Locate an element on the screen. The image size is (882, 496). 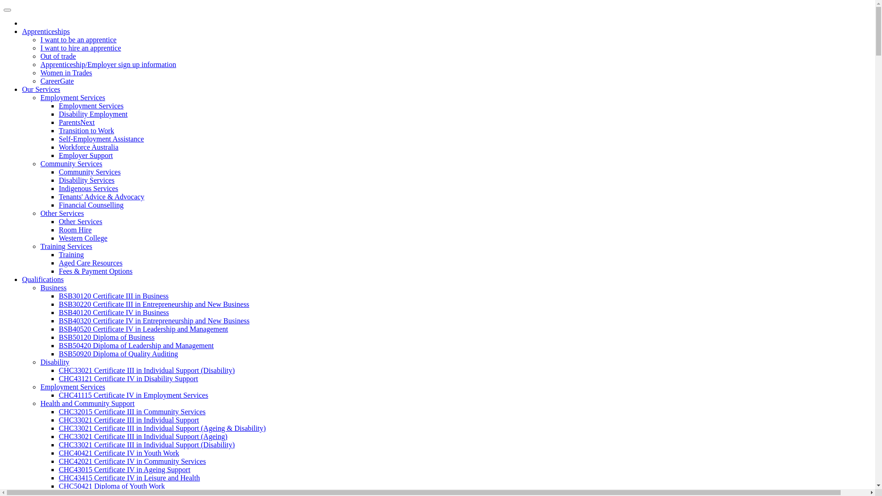
'I want to hire an apprentice' is located at coordinates (80, 48).